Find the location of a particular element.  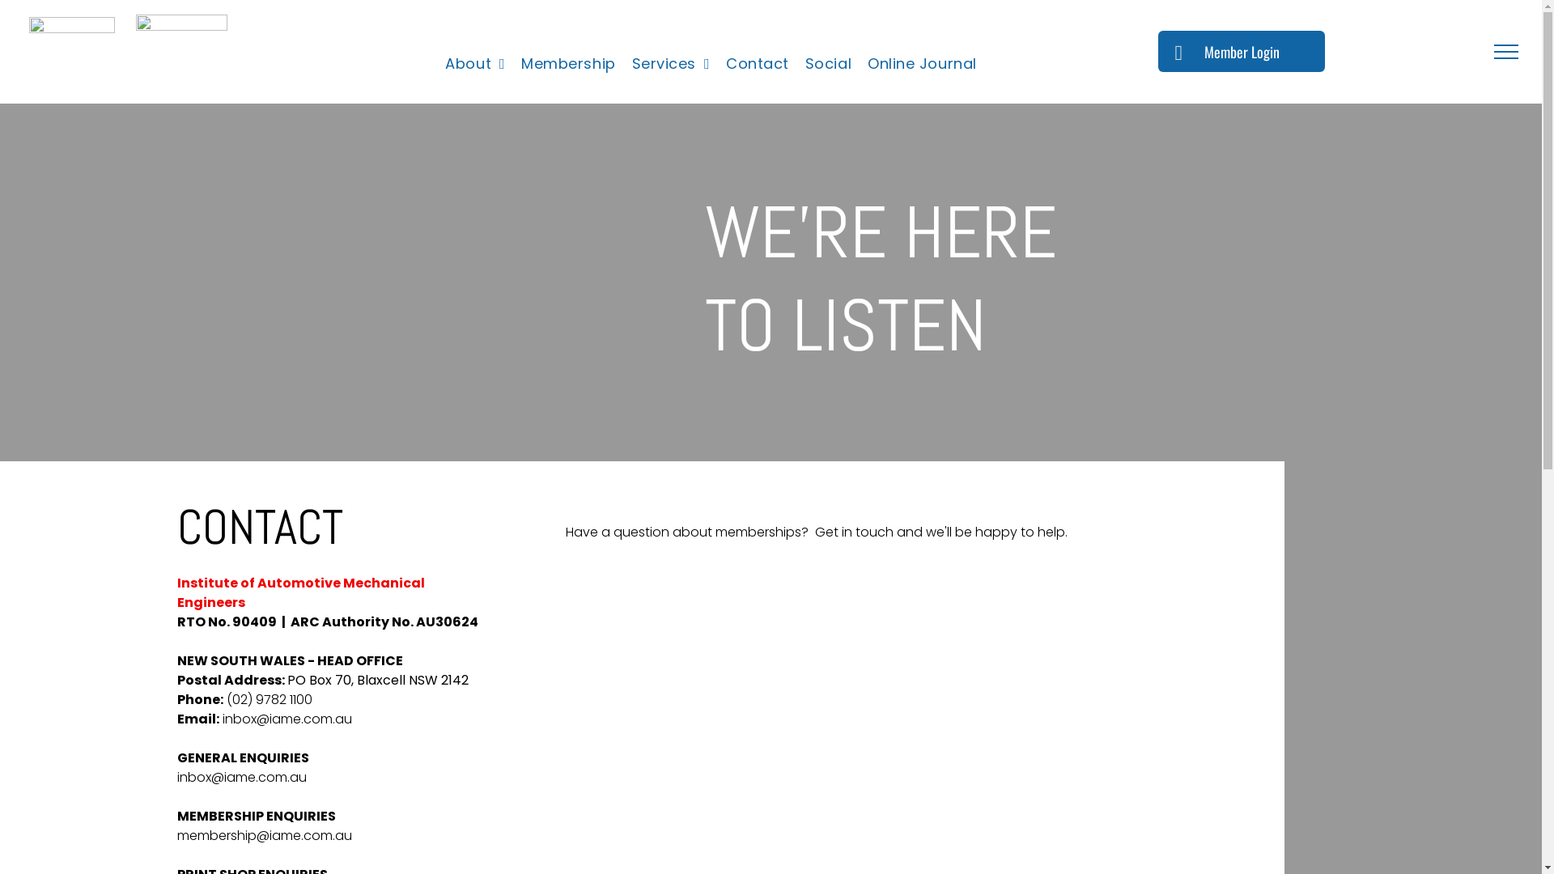

'Member Login' is located at coordinates (1241, 50).